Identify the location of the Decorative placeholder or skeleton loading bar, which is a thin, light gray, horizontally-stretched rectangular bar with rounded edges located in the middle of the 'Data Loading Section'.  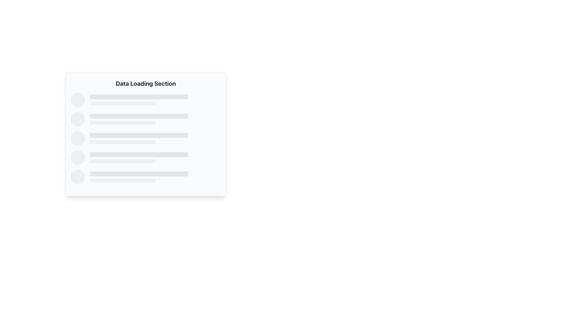
(122, 142).